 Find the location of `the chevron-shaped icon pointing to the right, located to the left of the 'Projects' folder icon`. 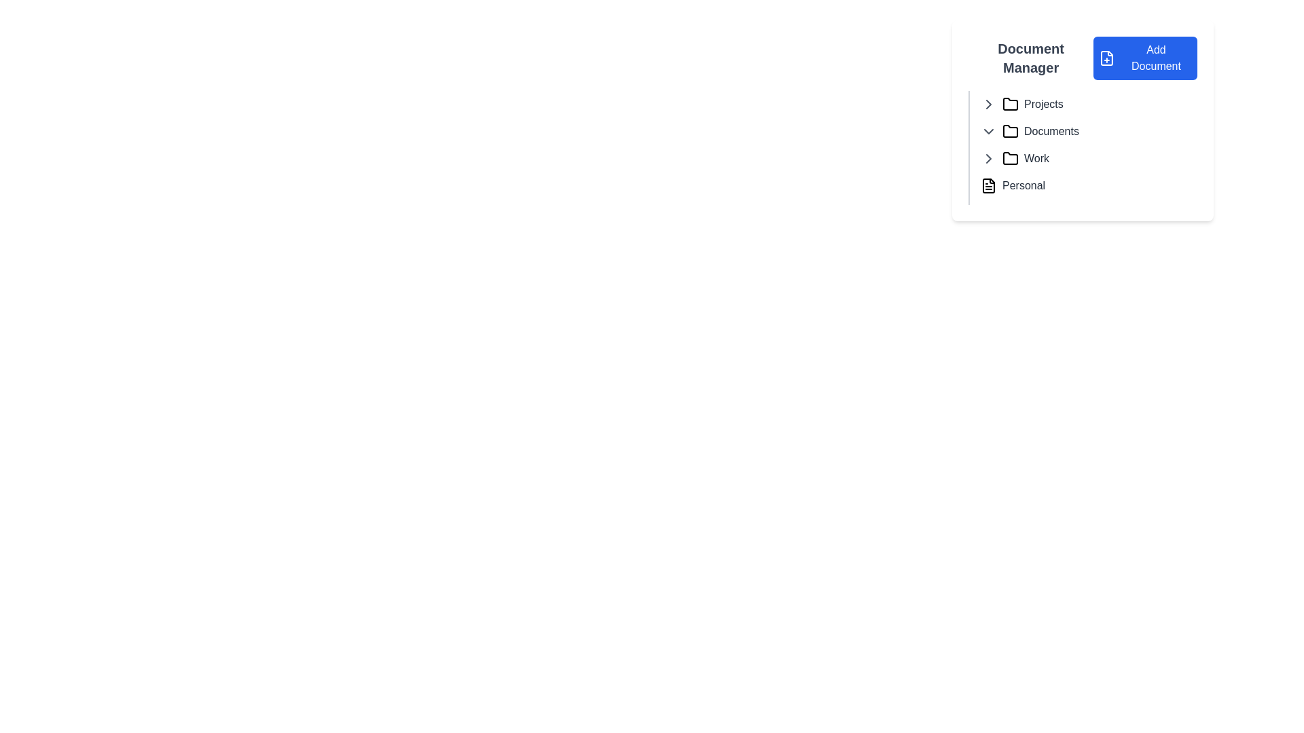

the chevron-shaped icon pointing to the right, located to the left of the 'Projects' folder icon is located at coordinates (988, 104).